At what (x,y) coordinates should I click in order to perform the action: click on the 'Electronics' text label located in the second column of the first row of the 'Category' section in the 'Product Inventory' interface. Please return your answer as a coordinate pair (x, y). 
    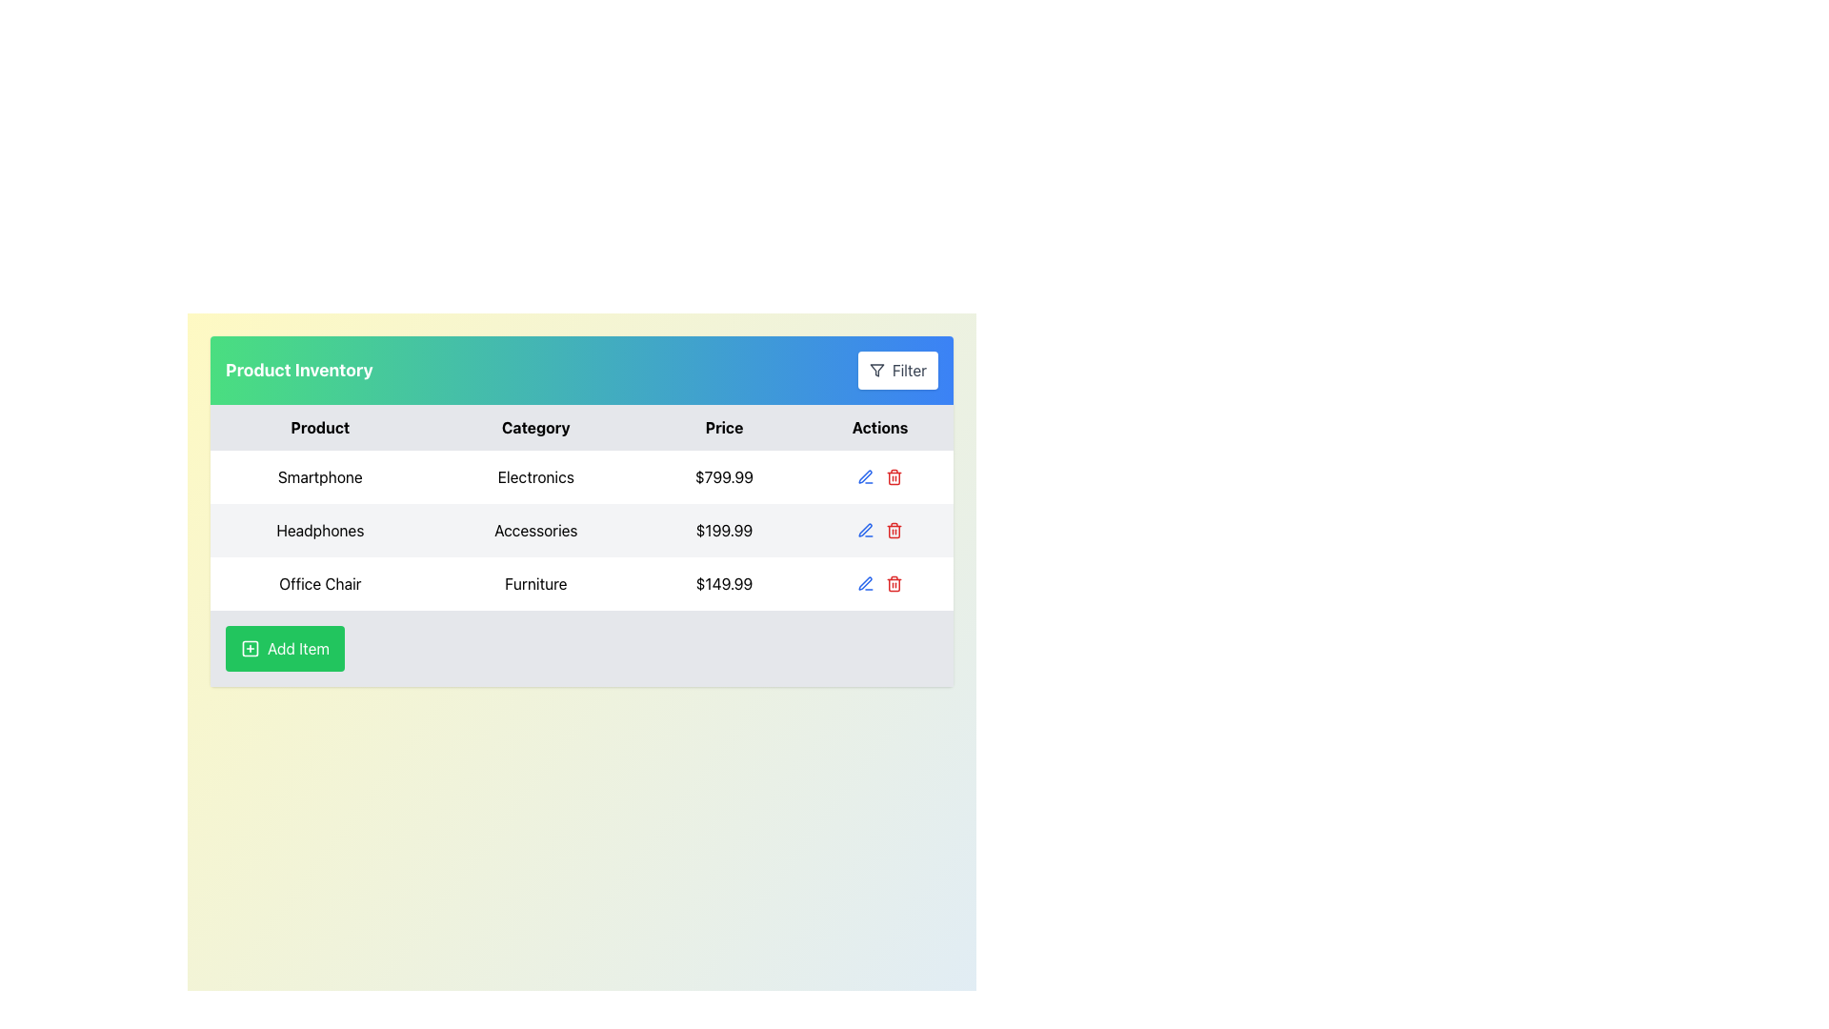
    Looking at the image, I should click on (534, 476).